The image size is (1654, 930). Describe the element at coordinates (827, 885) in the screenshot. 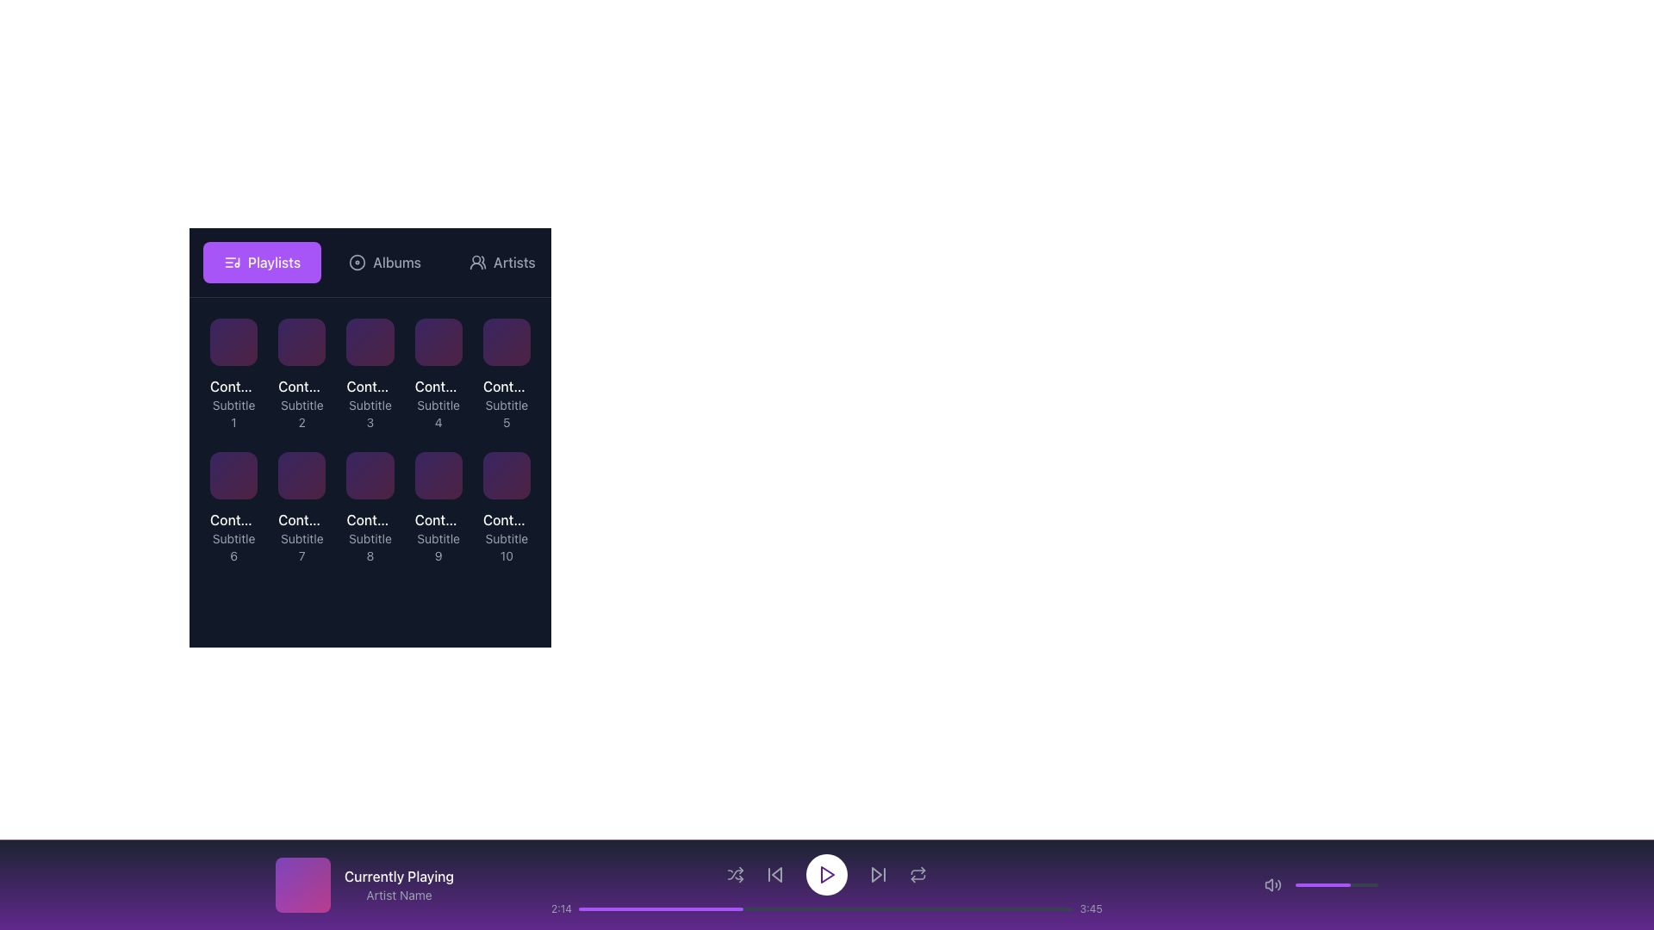

I see `the play button located centrally` at that location.